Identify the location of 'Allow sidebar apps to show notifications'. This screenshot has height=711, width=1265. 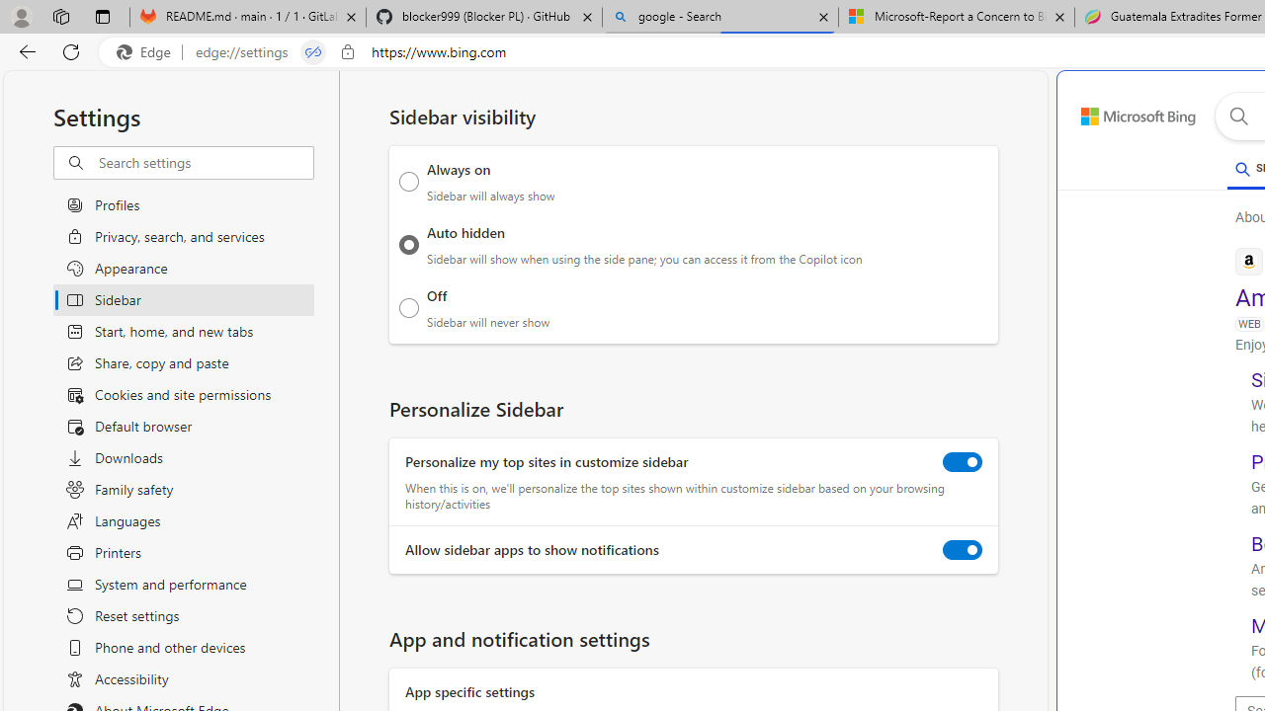
(963, 550).